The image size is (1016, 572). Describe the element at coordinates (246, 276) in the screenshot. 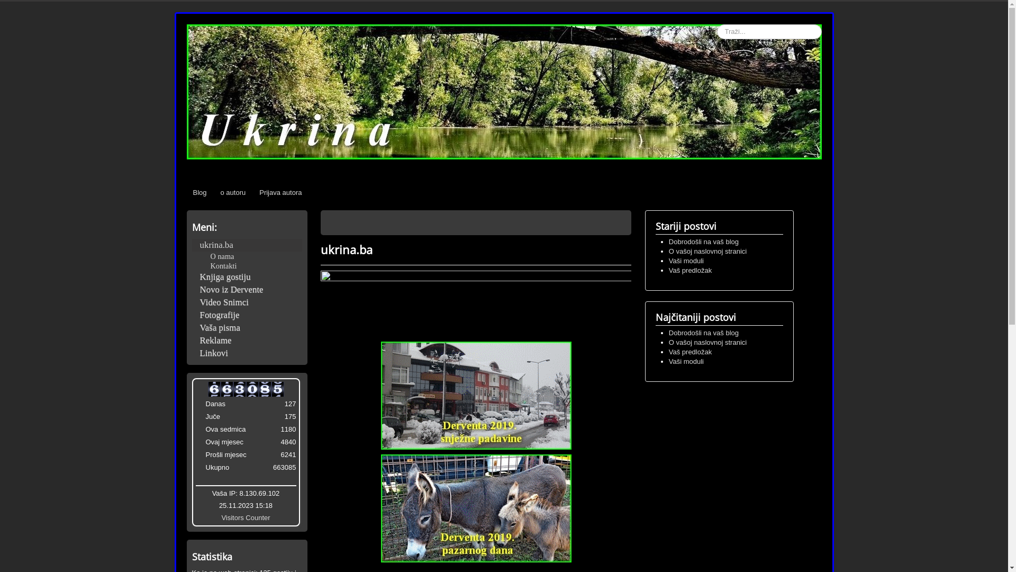

I see `'Knjiga gostiju'` at that location.